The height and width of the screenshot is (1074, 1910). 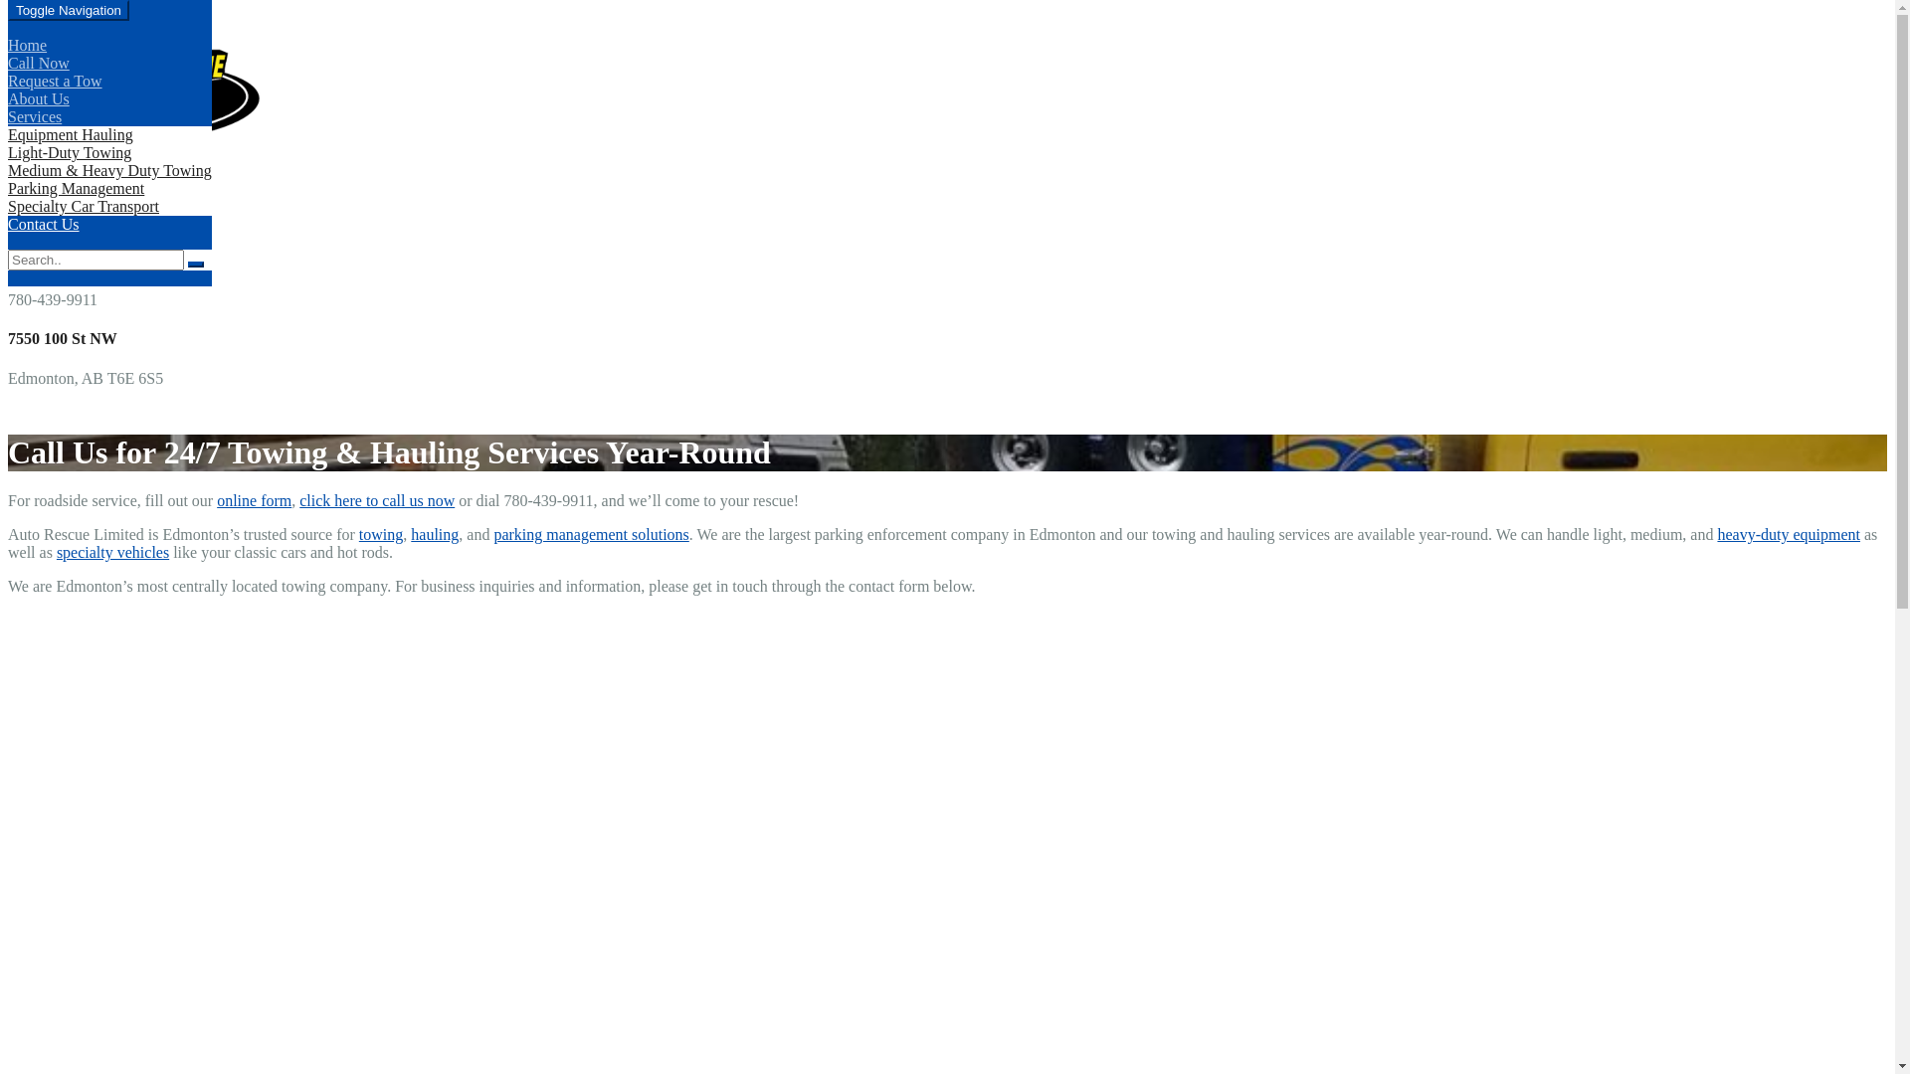 I want to click on 'Specialty Car Transport', so click(x=82, y=206).